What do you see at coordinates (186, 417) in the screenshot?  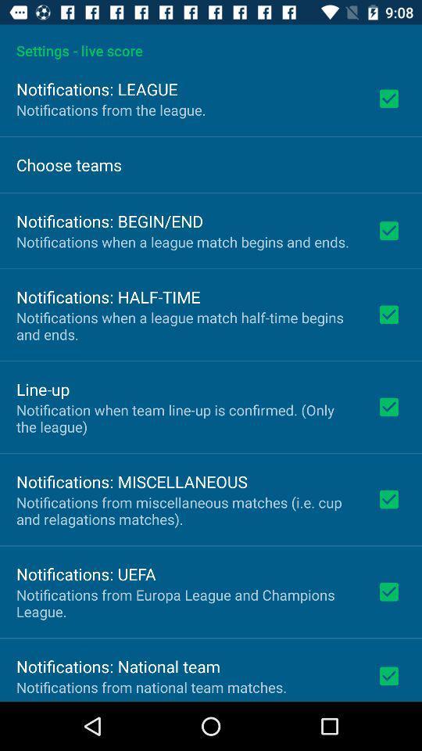 I see `item above notifications: miscellaneous icon` at bounding box center [186, 417].